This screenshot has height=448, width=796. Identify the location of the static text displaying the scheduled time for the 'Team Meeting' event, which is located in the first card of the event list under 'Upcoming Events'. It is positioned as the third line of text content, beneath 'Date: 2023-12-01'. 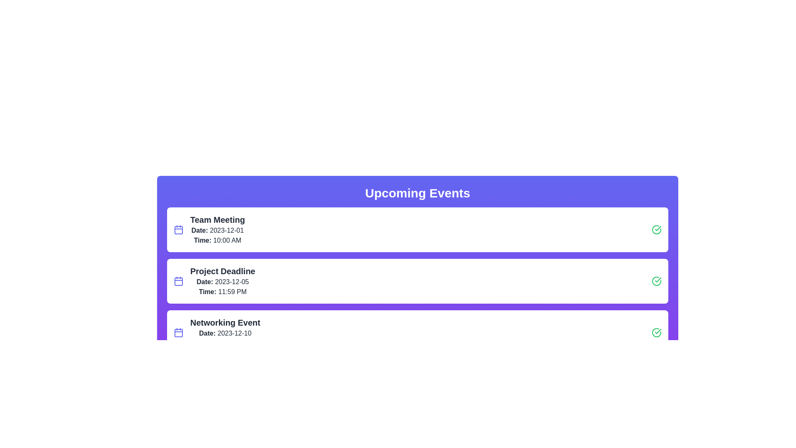
(217, 240).